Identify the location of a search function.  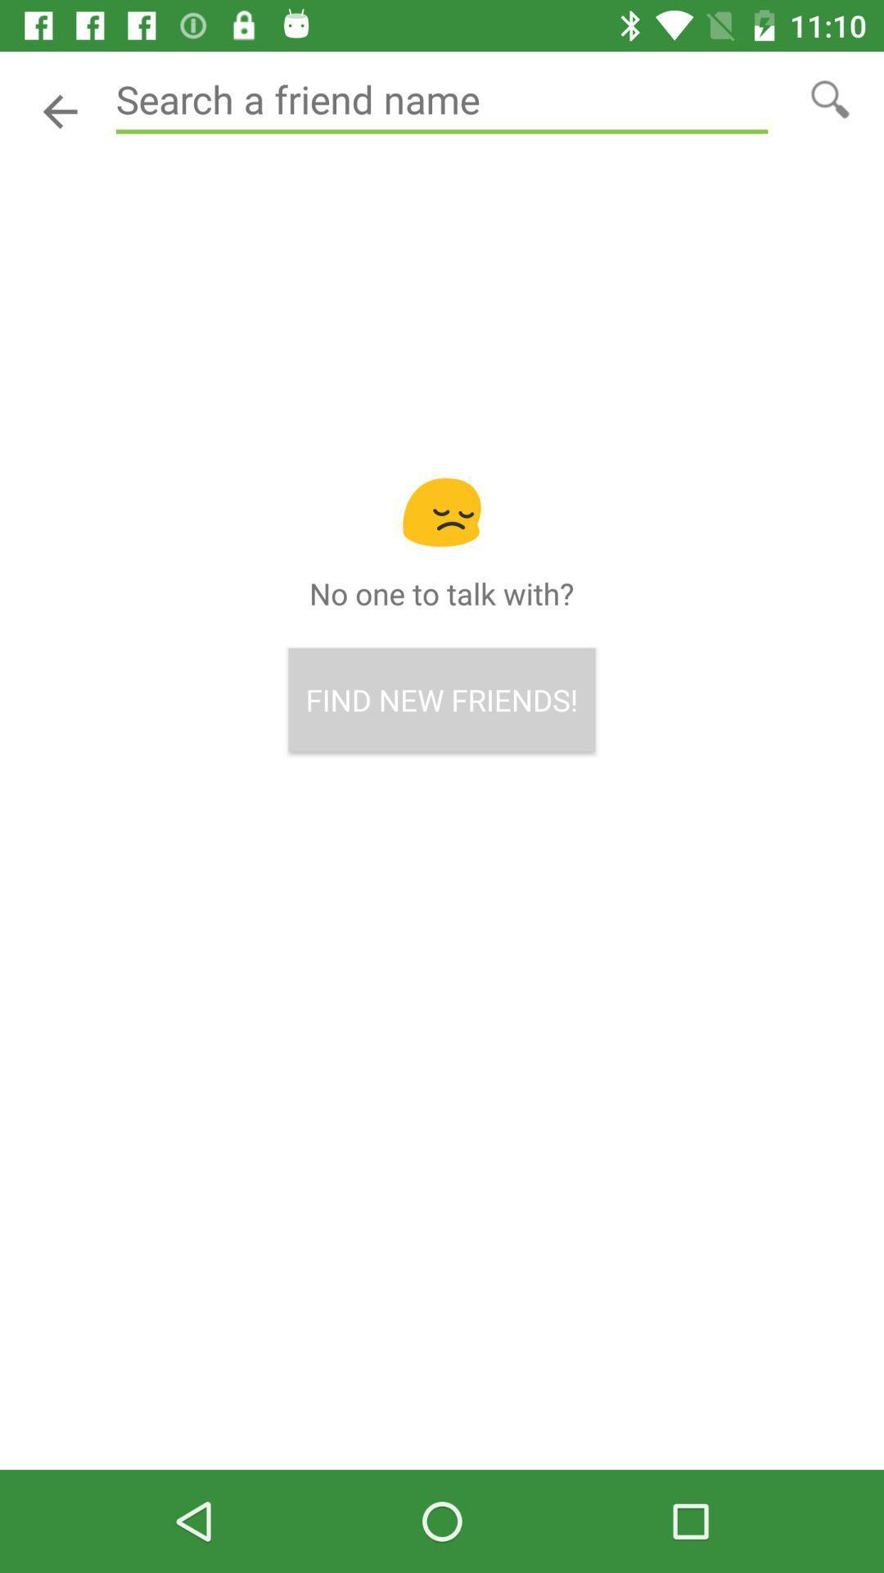
(442, 99).